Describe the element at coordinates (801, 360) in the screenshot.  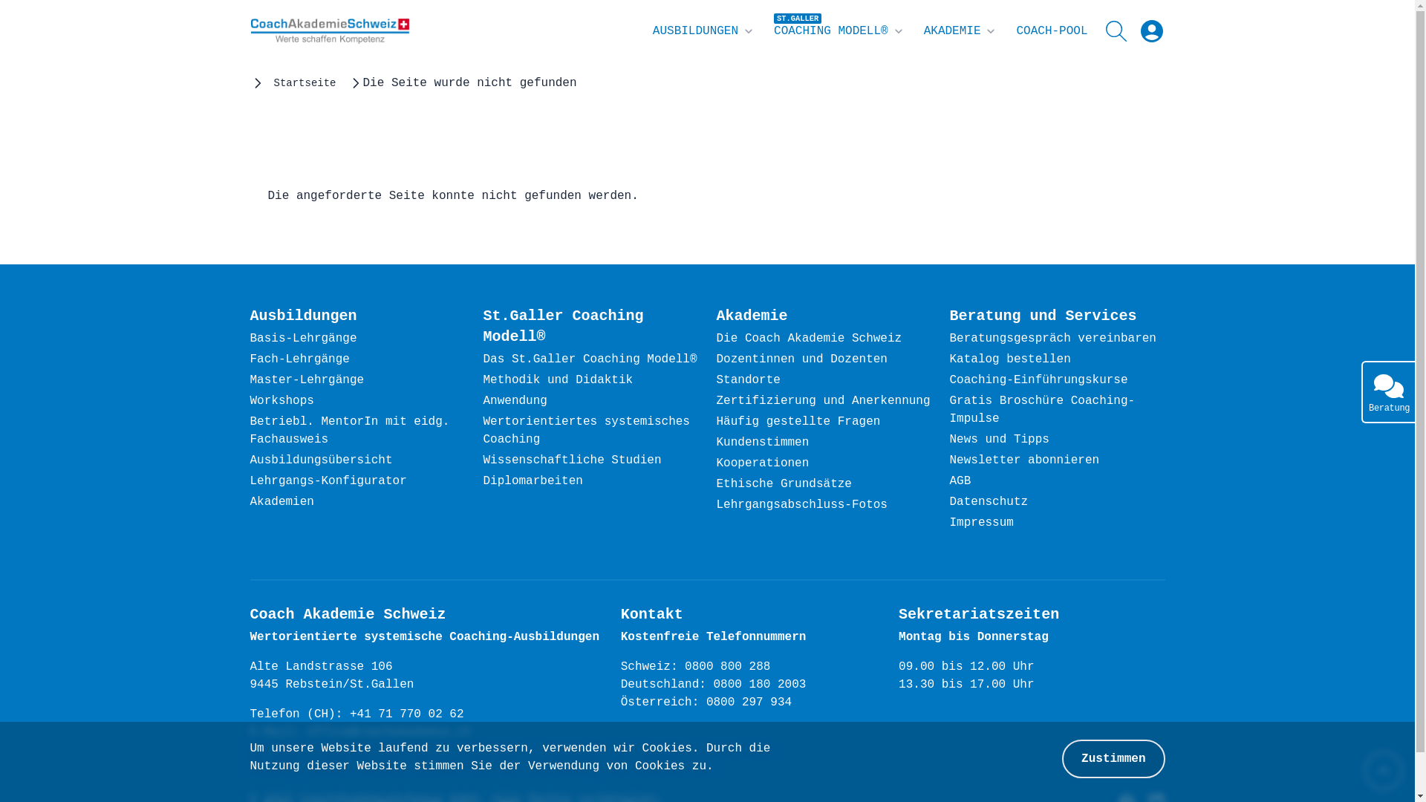
I see `'Dozentinnen und Dozenten'` at that location.